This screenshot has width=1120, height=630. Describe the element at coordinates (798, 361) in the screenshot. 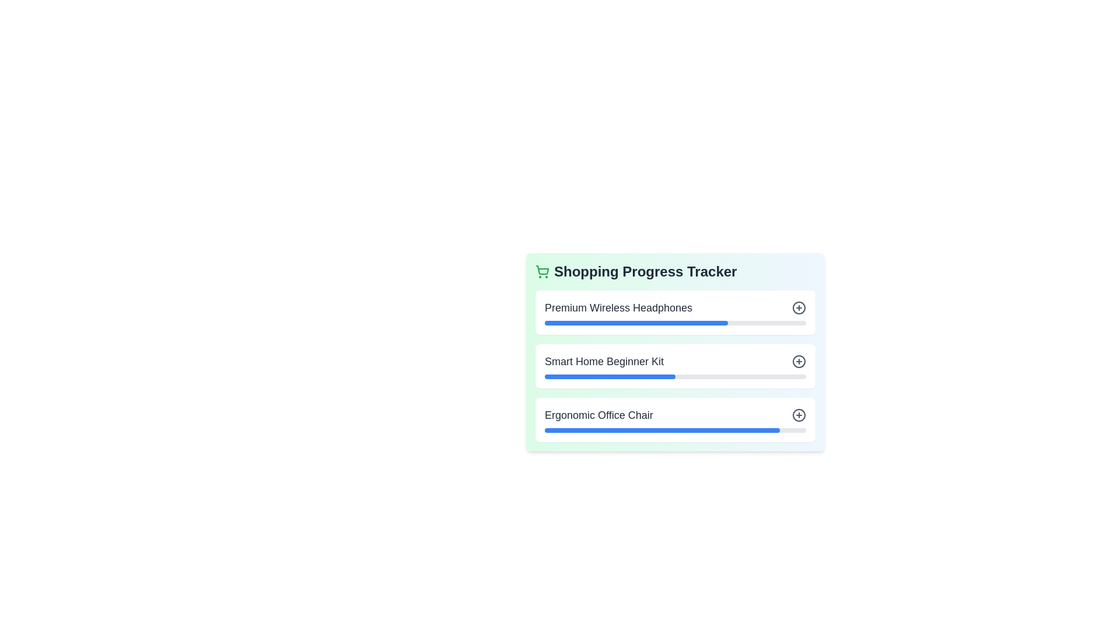

I see `the filled circular graphical element located at the center of the interactive component resembling a compact icon, which is part of the 'Smart Home Beginner Kit' section` at that location.